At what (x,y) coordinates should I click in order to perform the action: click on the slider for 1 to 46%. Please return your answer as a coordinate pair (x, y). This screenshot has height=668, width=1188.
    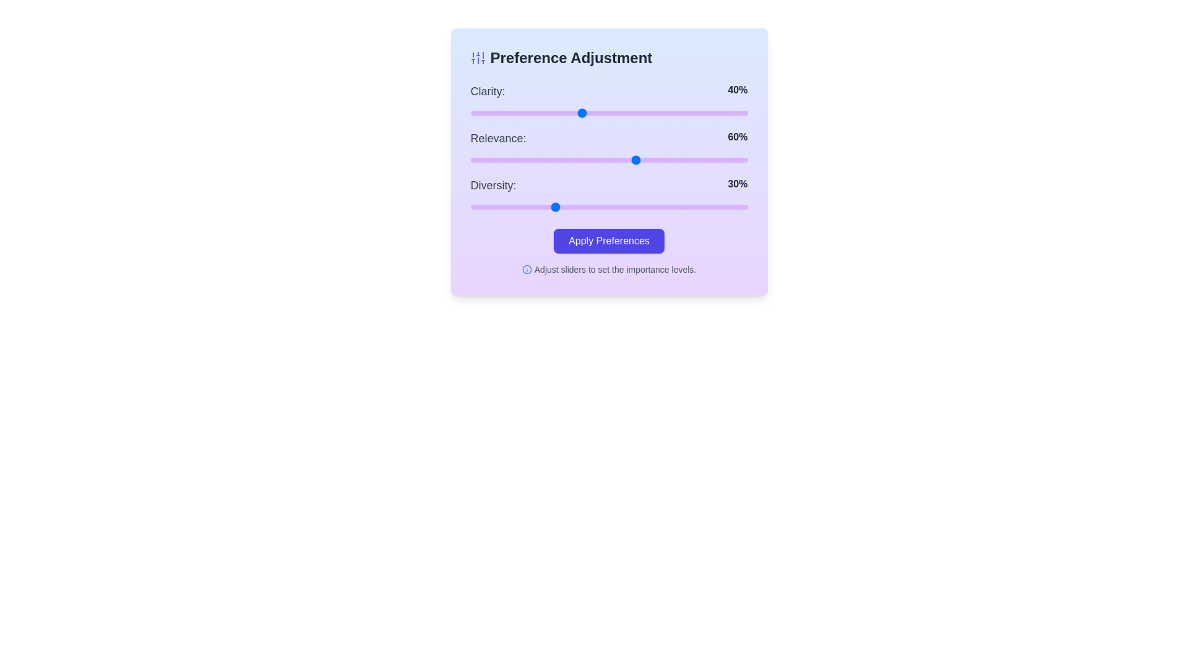
    Looking at the image, I should click on (598, 159).